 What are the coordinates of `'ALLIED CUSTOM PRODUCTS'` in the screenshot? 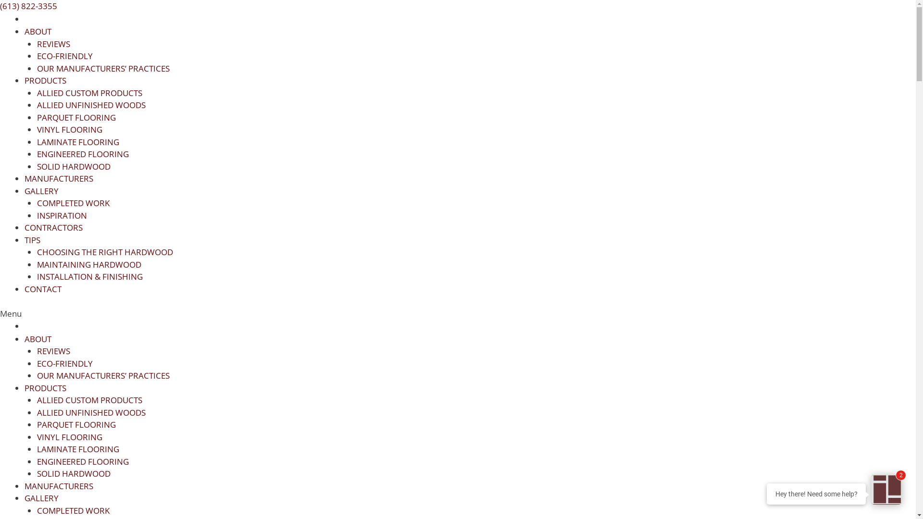 It's located at (89, 400).